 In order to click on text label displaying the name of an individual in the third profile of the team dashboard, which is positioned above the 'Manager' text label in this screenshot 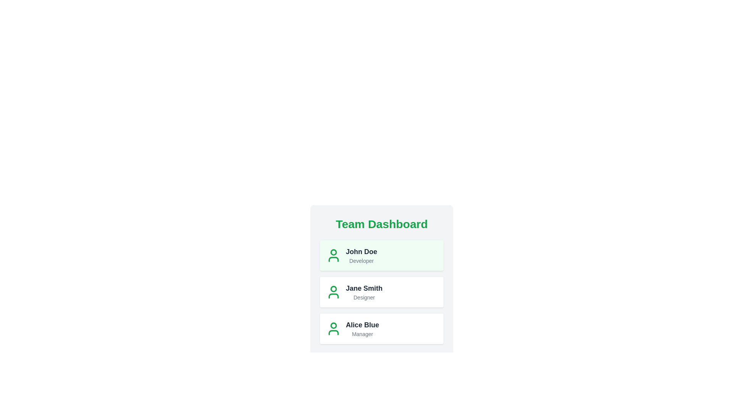, I will do `click(362, 325)`.